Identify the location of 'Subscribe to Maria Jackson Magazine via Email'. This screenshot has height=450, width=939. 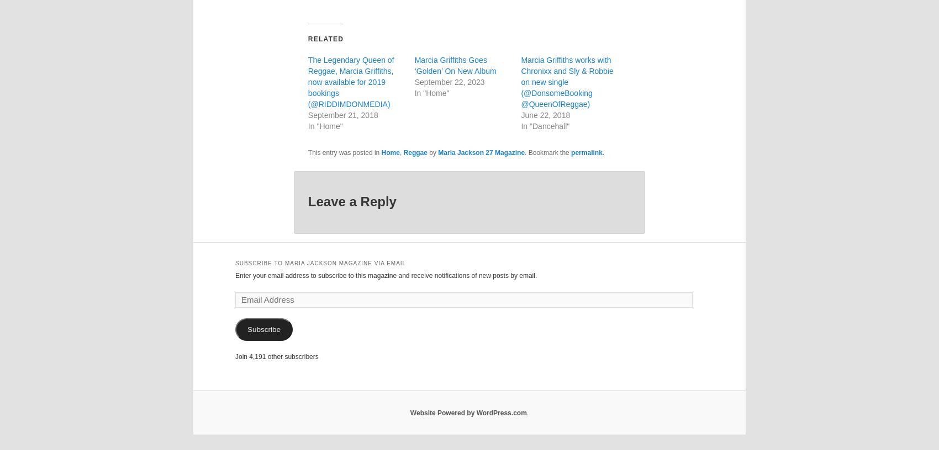
(320, 262).